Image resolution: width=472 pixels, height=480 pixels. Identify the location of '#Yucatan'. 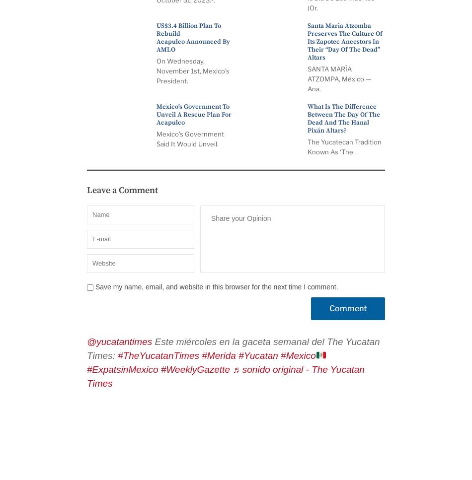
(258, 355).